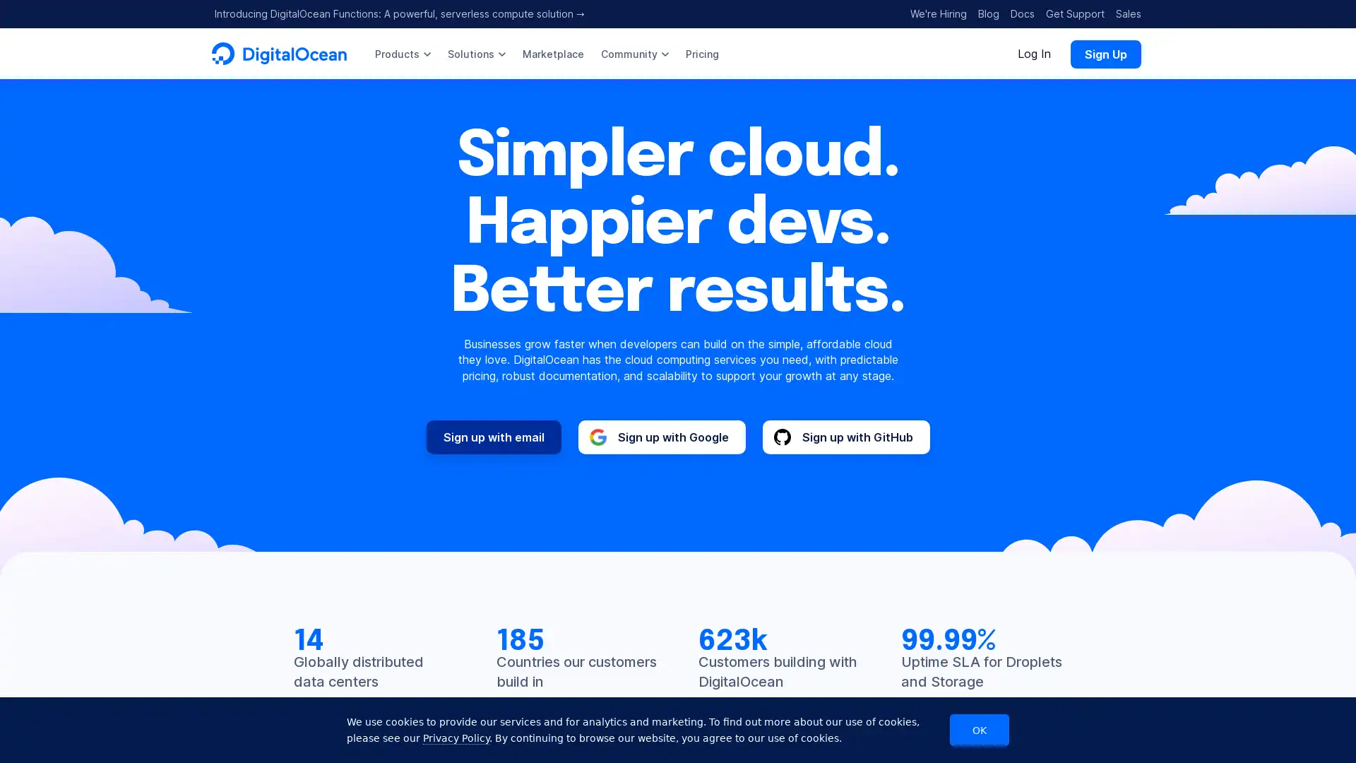 The width and height of the screenshot is (1356, 763). Describe the element at coordinates (634, 53) in the screenshot. I see `Community` at that location.